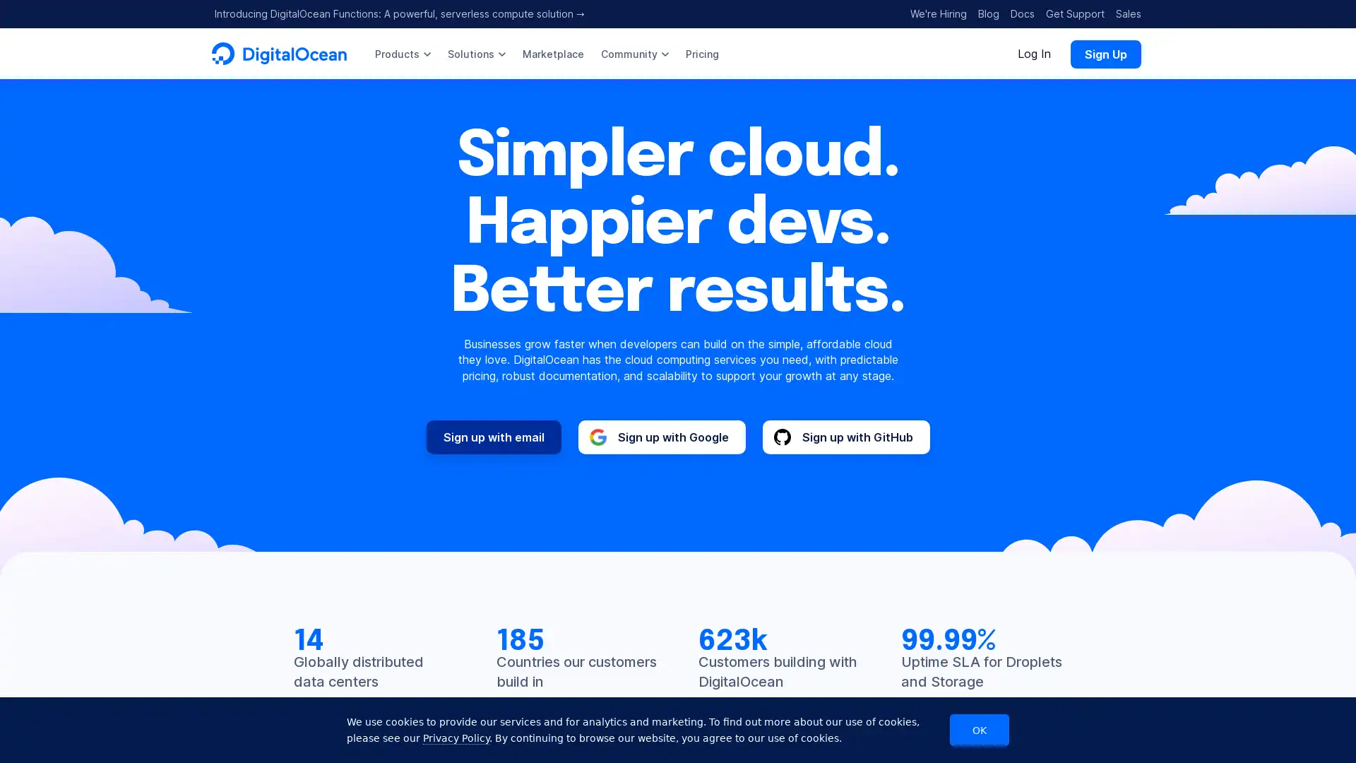 The width and height of the screenshot is (1356, 763). Describe the element at coordinates (634, 53) in the screenshot. I see `Community` at that location.